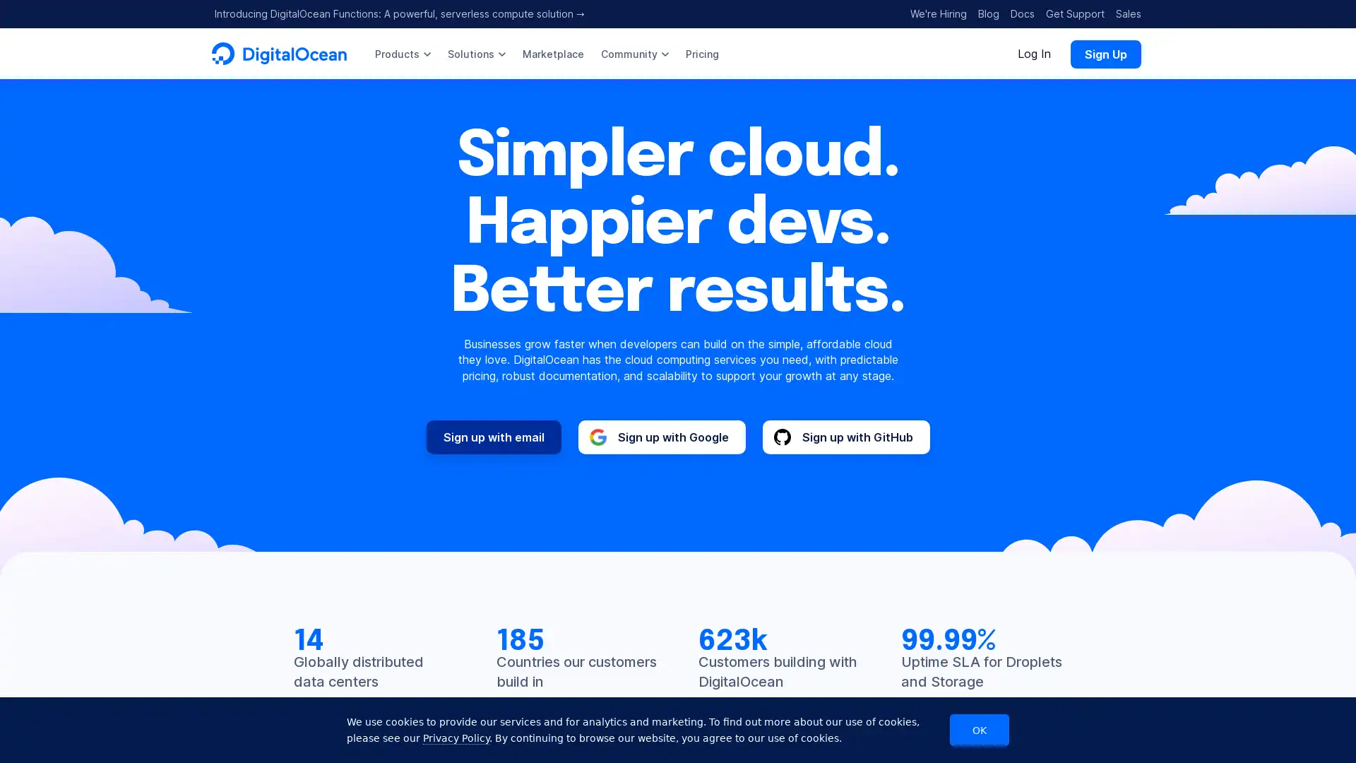 The width and height of the screenshot is (1356, 763). Describe the element at coordinates (634, 53) in the screenshot. I see `Community` at that location.